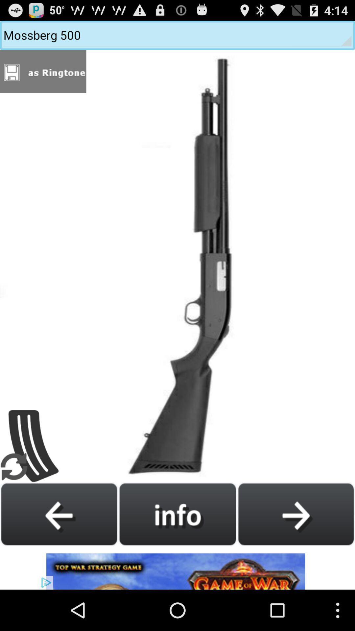 The image size is (355, 631). What do you see at coordinates (59, 514) in the screenshot?
I see `go back` at bounding box center [59, 514].